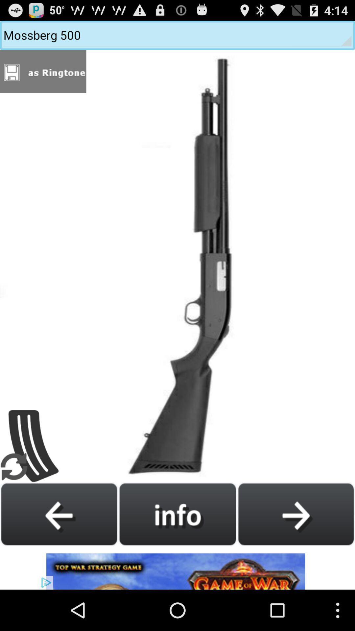 The image size is (355, 631). What do you see at coordinates (59, 514) in the screenshot?
I see `go back` at bounding box center [59, 514].